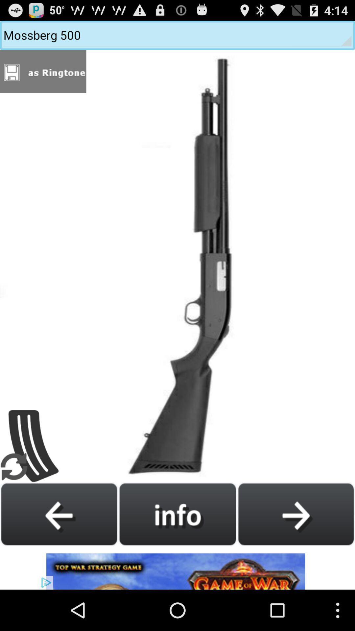 The image size is (355, 631). What do you see at coordinates (59, 514) in the screenshot?
I see `go back` at bounding box center [59, 514].